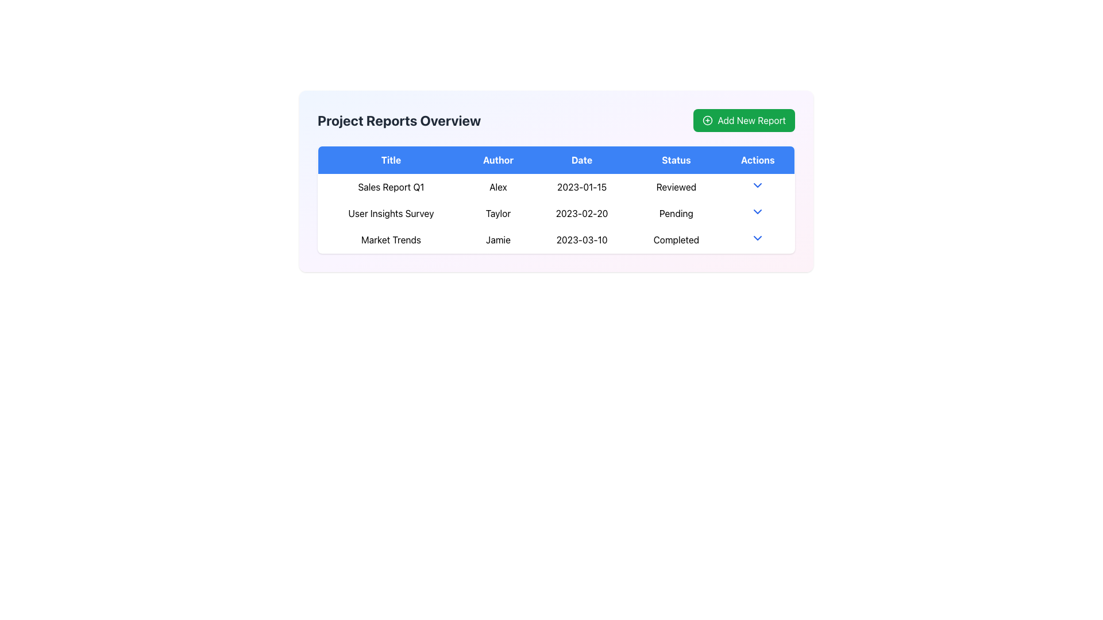 The width and height of the screenshot is (1103, 620). What do you see at coordinates (758, 185) in the screenshot?
I see `the chevron icon located in the 'Actions' cell of the first row of the table` at bounding box center [758, 185].